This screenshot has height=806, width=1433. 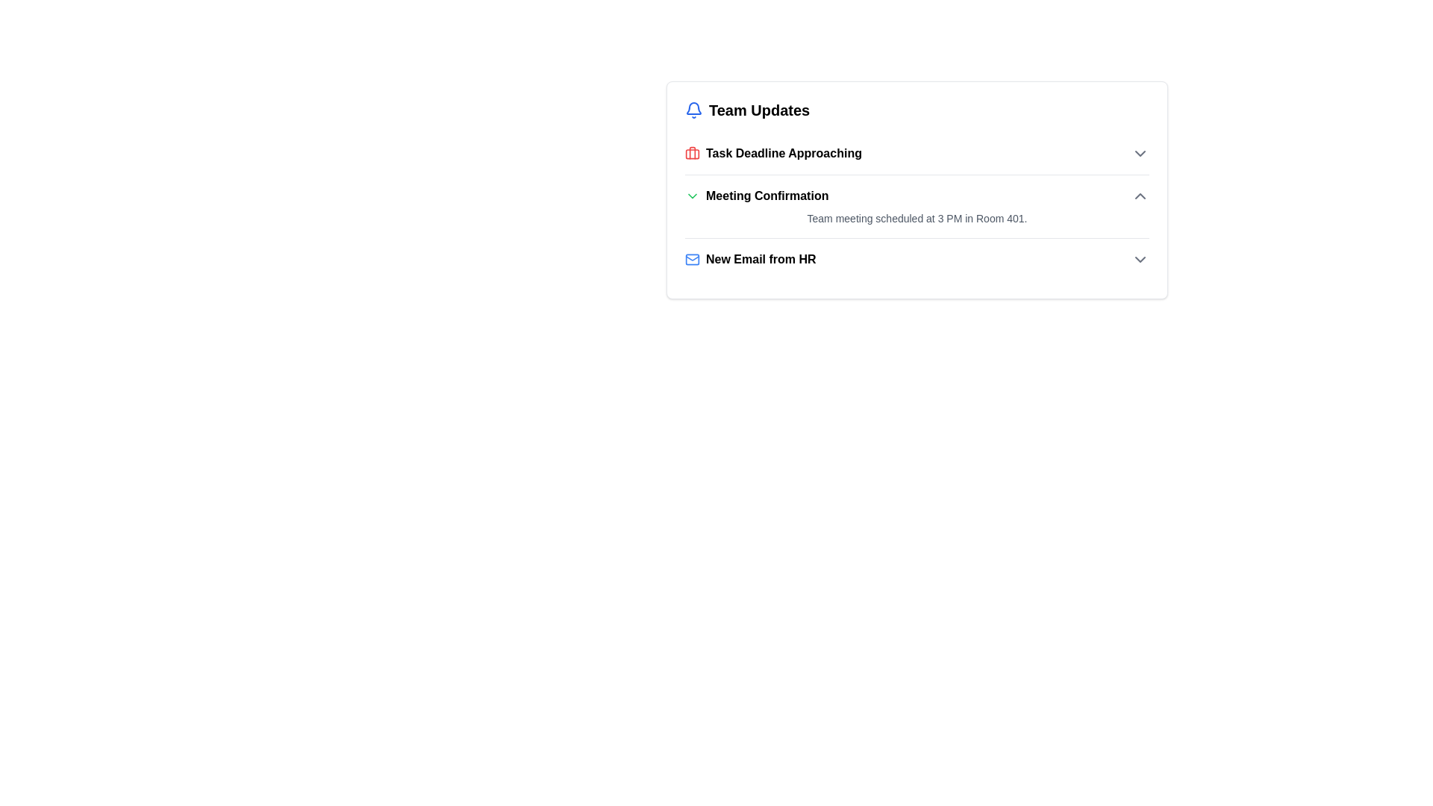 What do you see at coordinates (916, 207) in the screenshot?
I see `the 'Meeting Confirmation' collapsible notification block` at bounding box center [916, 207].